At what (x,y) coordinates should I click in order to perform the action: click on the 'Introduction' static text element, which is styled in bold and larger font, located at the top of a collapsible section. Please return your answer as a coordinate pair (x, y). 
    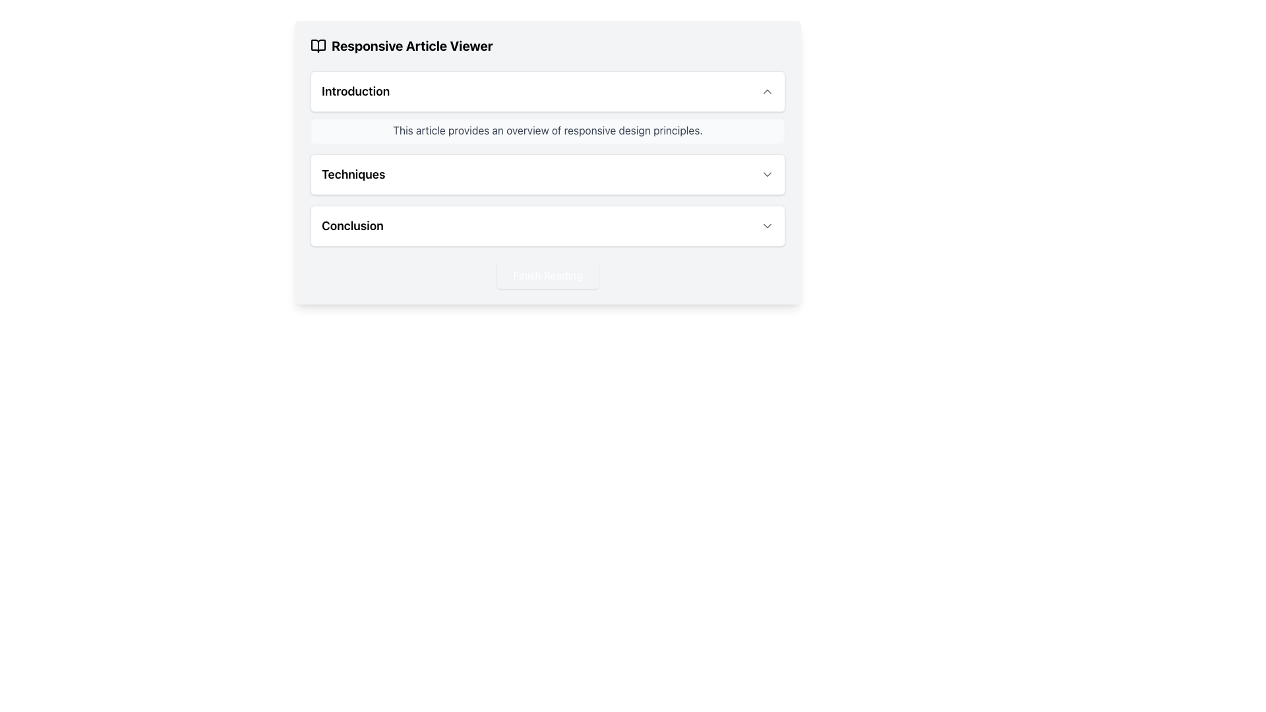
    Looking at the image, I should click on (355, 90).